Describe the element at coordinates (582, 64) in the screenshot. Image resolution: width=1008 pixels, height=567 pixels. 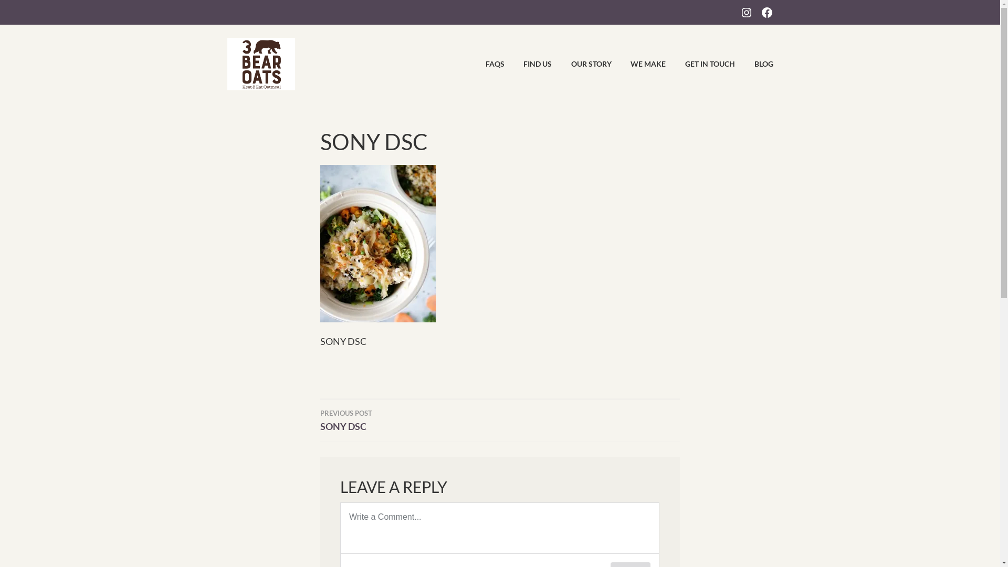
I see `'OUR STORY'` at that location.